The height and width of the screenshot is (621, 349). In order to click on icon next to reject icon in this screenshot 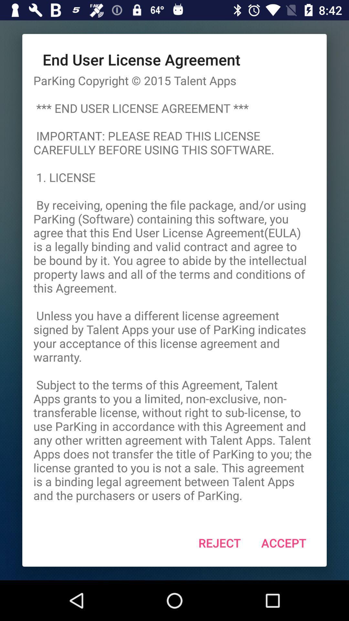, I will do `click(283, 543)`.